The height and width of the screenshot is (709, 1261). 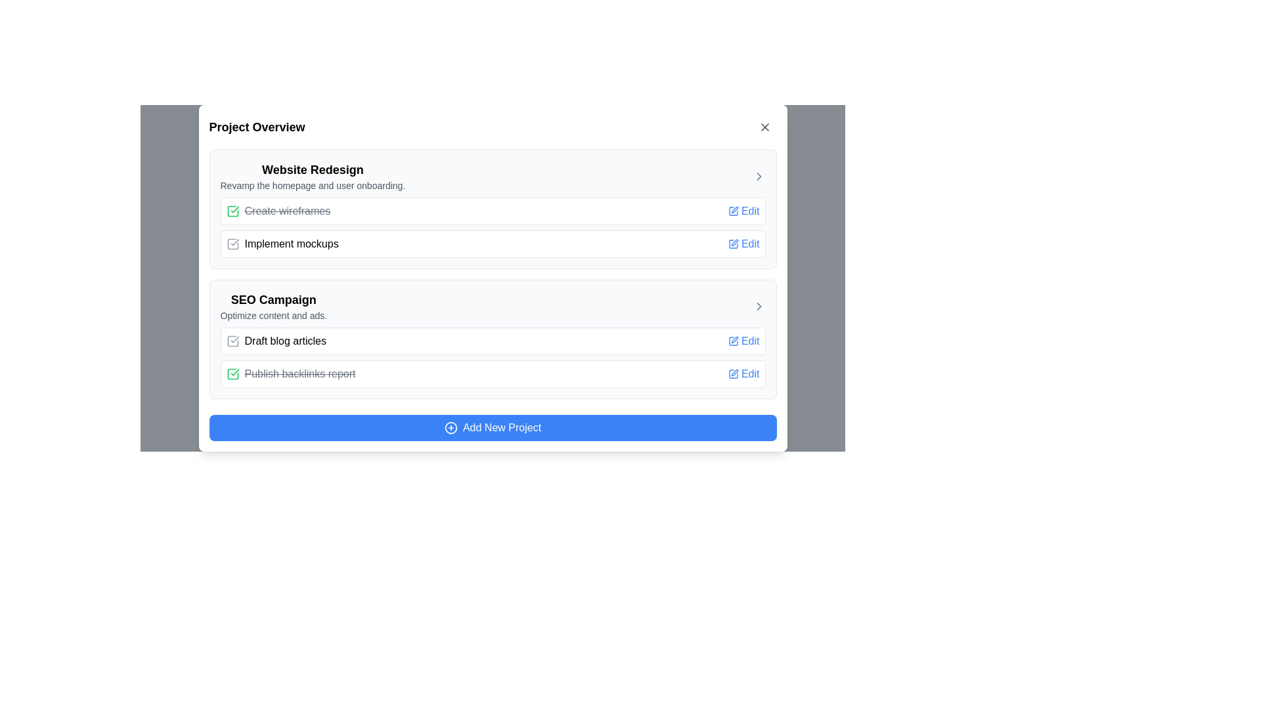 What do you see at coordinates (273, 316) in the screenshot?
I see `the descriptive text label providing details about the 'SEO Campaign' located beneath the header 'SEO Campaign' and aligned to the left in a card-styled layout` at bounding box center [273, 316].